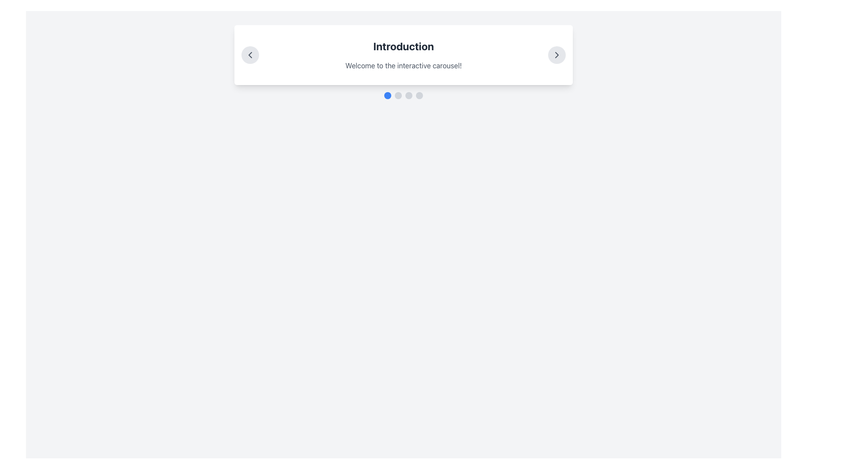 Image resolution: width=846 pixels, height=476 pixels. What do you see at coordinates (387, 95) in the screenshot?
I see `the first indicator dot at the bottom center of the card` at bounding box center [387, 95].